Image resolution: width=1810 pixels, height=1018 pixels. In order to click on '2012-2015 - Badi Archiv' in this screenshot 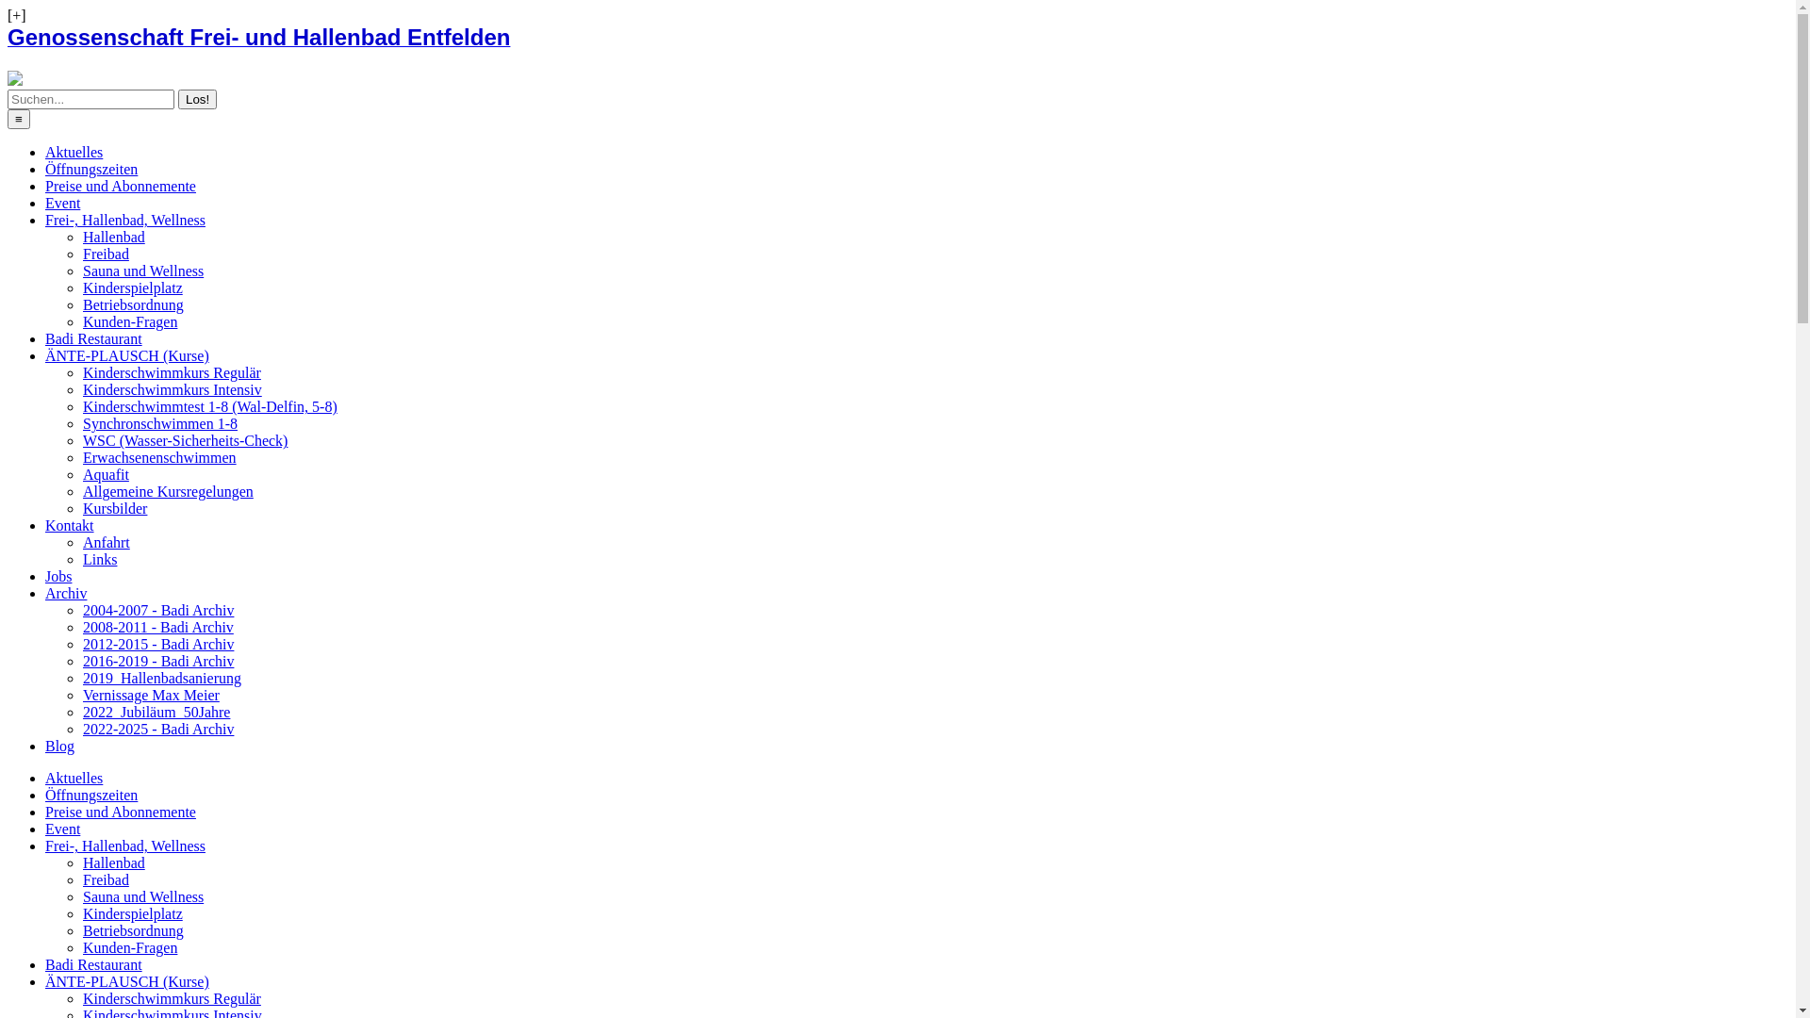, I will do `click(158, 643)`.